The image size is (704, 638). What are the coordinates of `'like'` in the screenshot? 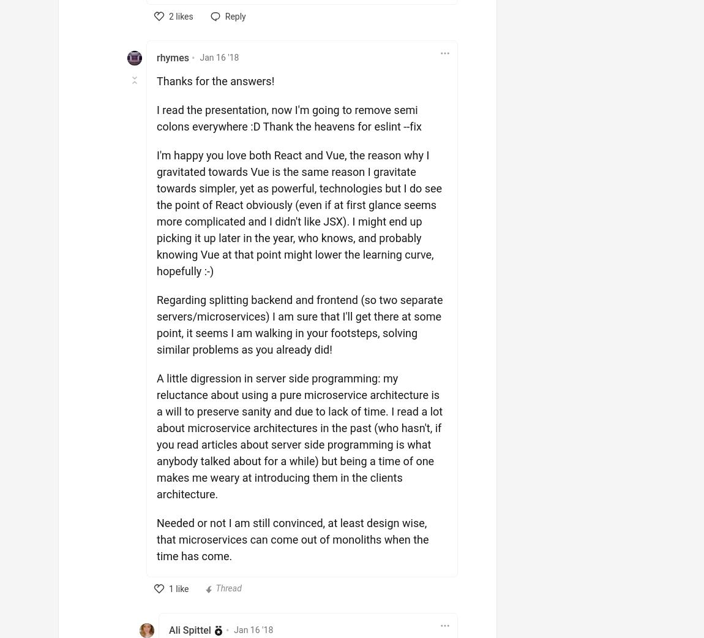 It's located at (181, 588).